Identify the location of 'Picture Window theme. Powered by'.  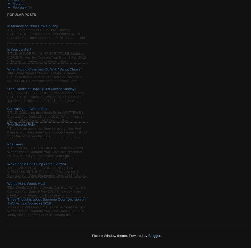
(120, 235).